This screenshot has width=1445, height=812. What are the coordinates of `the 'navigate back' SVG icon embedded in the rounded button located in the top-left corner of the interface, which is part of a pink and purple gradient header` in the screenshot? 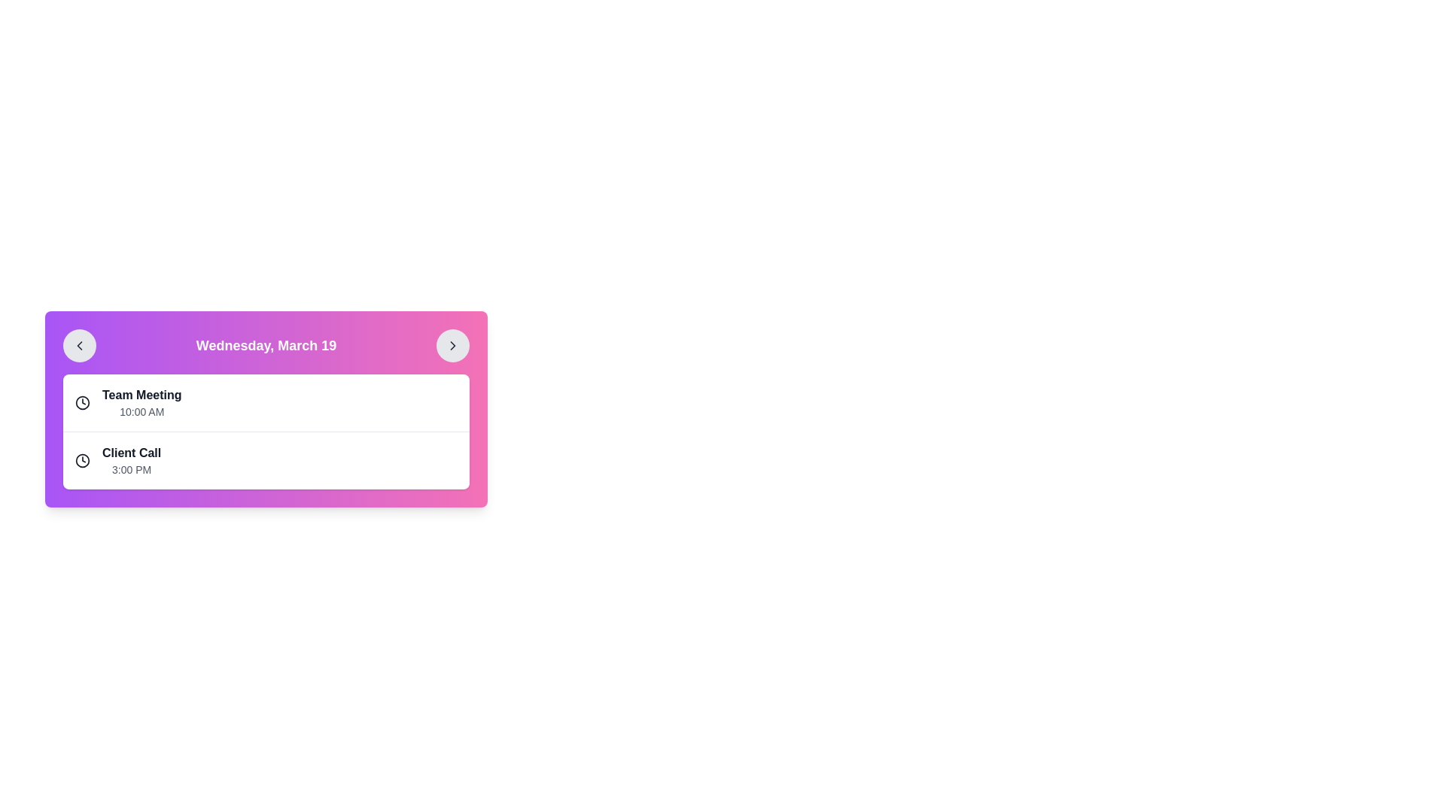 It's located at (78, 345).